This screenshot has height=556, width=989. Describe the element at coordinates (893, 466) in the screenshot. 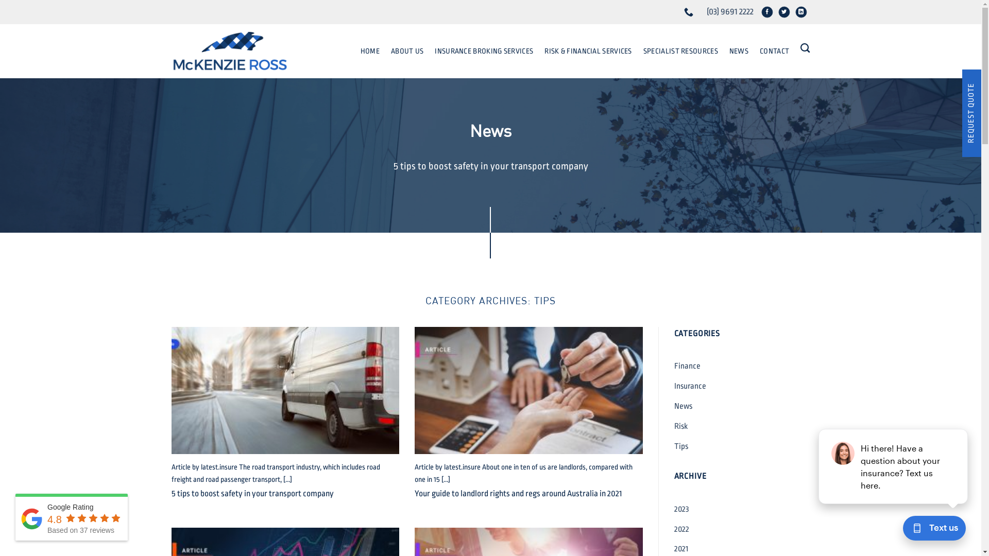

I see `'podium webchat widget prompt'` at that location.